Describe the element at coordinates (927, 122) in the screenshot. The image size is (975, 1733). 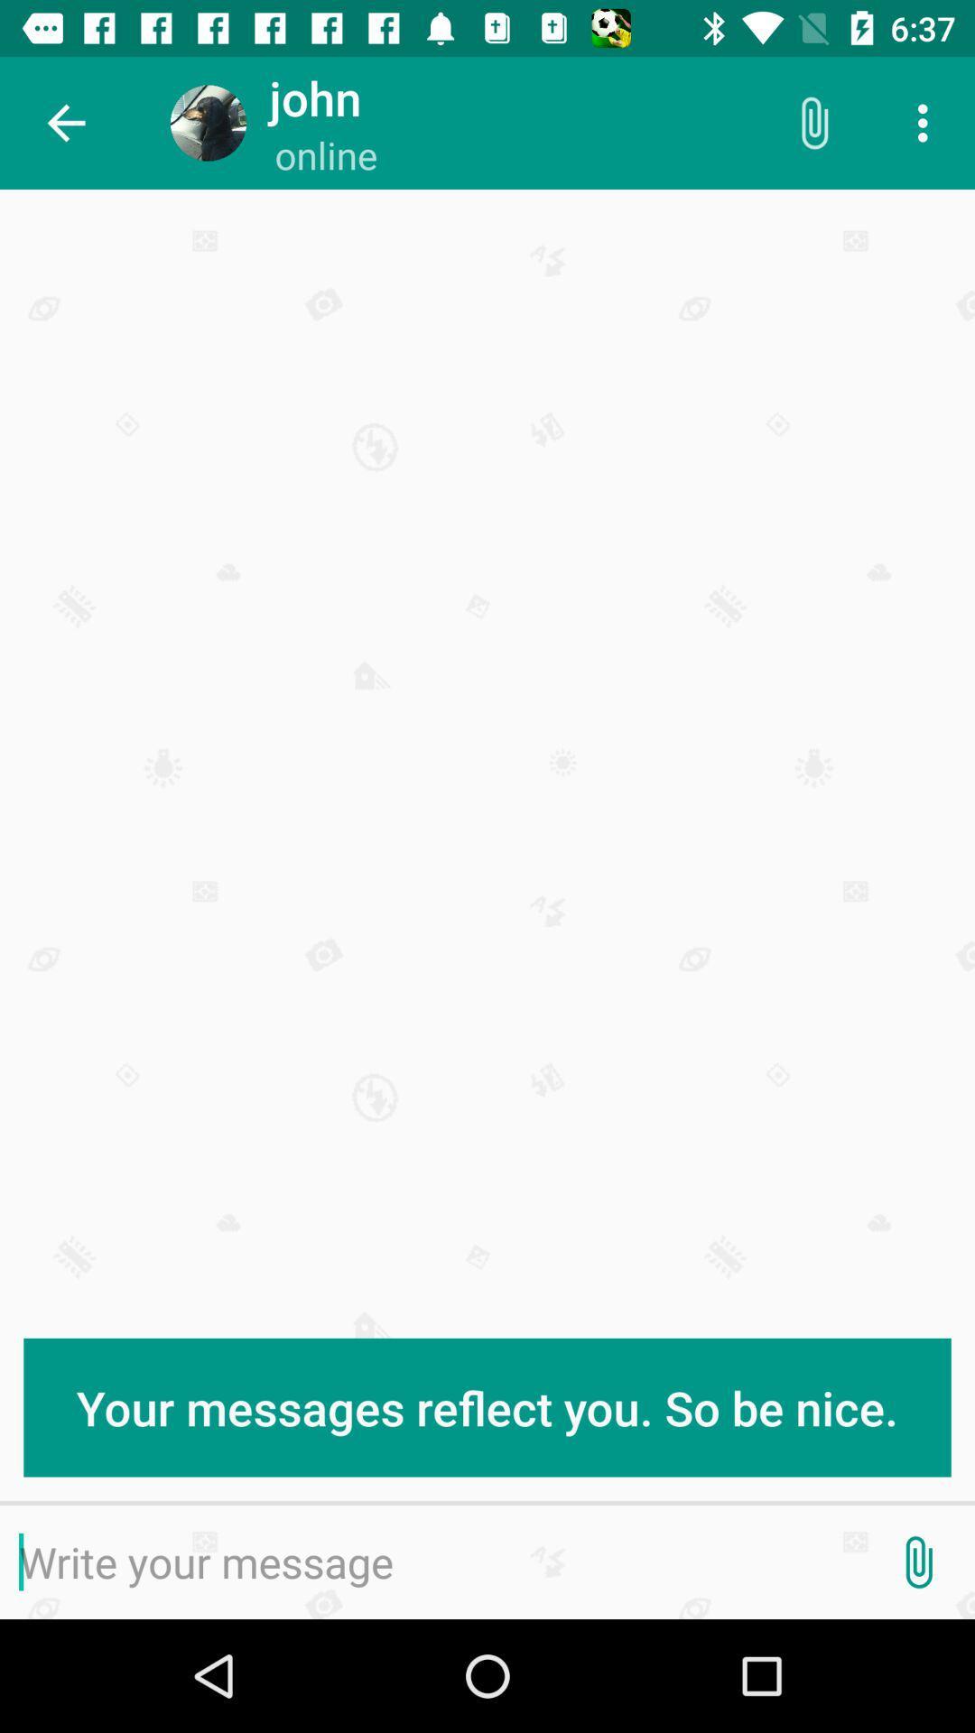
I see `icon above the your messages reflect` at that location.